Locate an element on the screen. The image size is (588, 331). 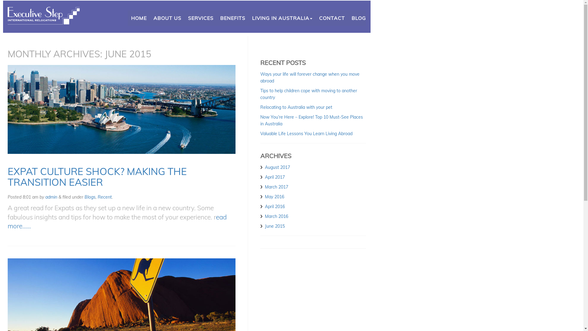
'June 2015' is located at coordinates (274, 226).